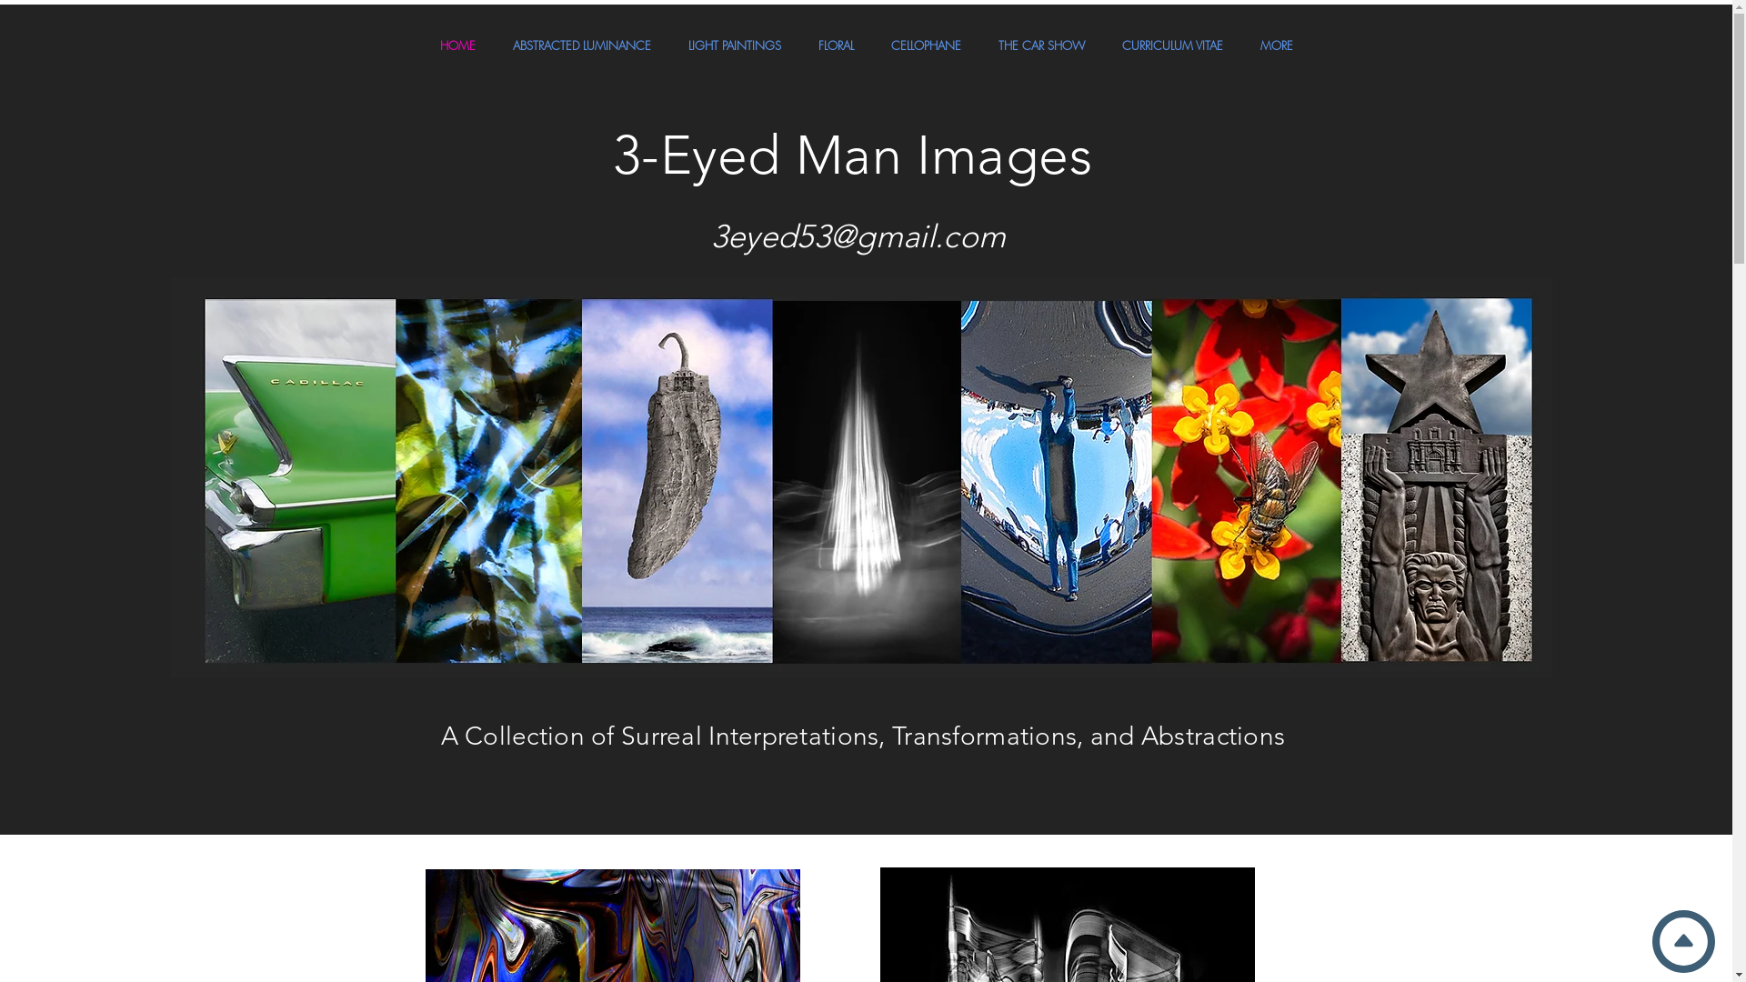 The width and height of the screenshot is (1746, 982). What do you see at coordinates (734, 45) in the screenshot?
I see `'LIGHT PAINTINGS'` at bounding box center [734, 45].